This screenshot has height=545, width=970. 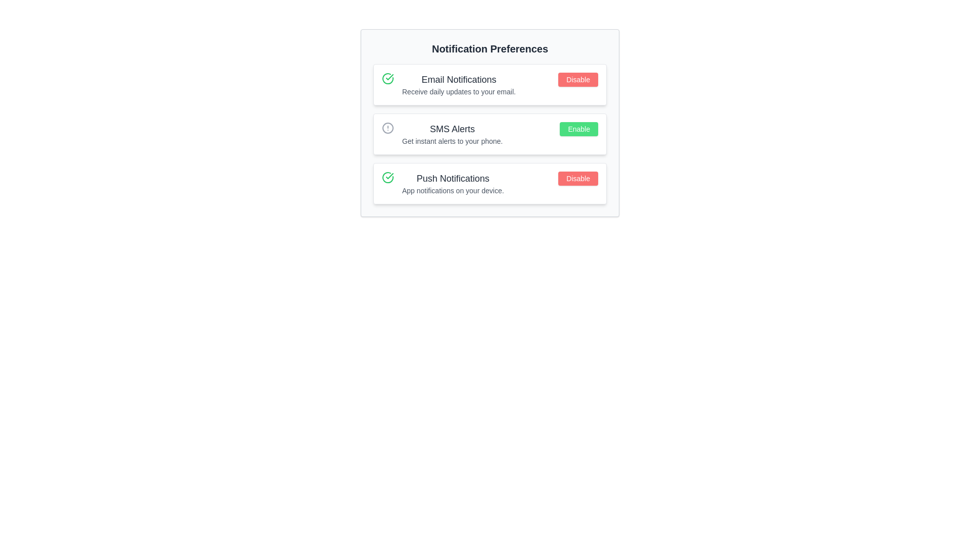 I want to click on the 'Push Notifications' text label, which is a large, bold, gray font indicating a prominent heading in the notification preferences panel, so click(x=452, y=178).